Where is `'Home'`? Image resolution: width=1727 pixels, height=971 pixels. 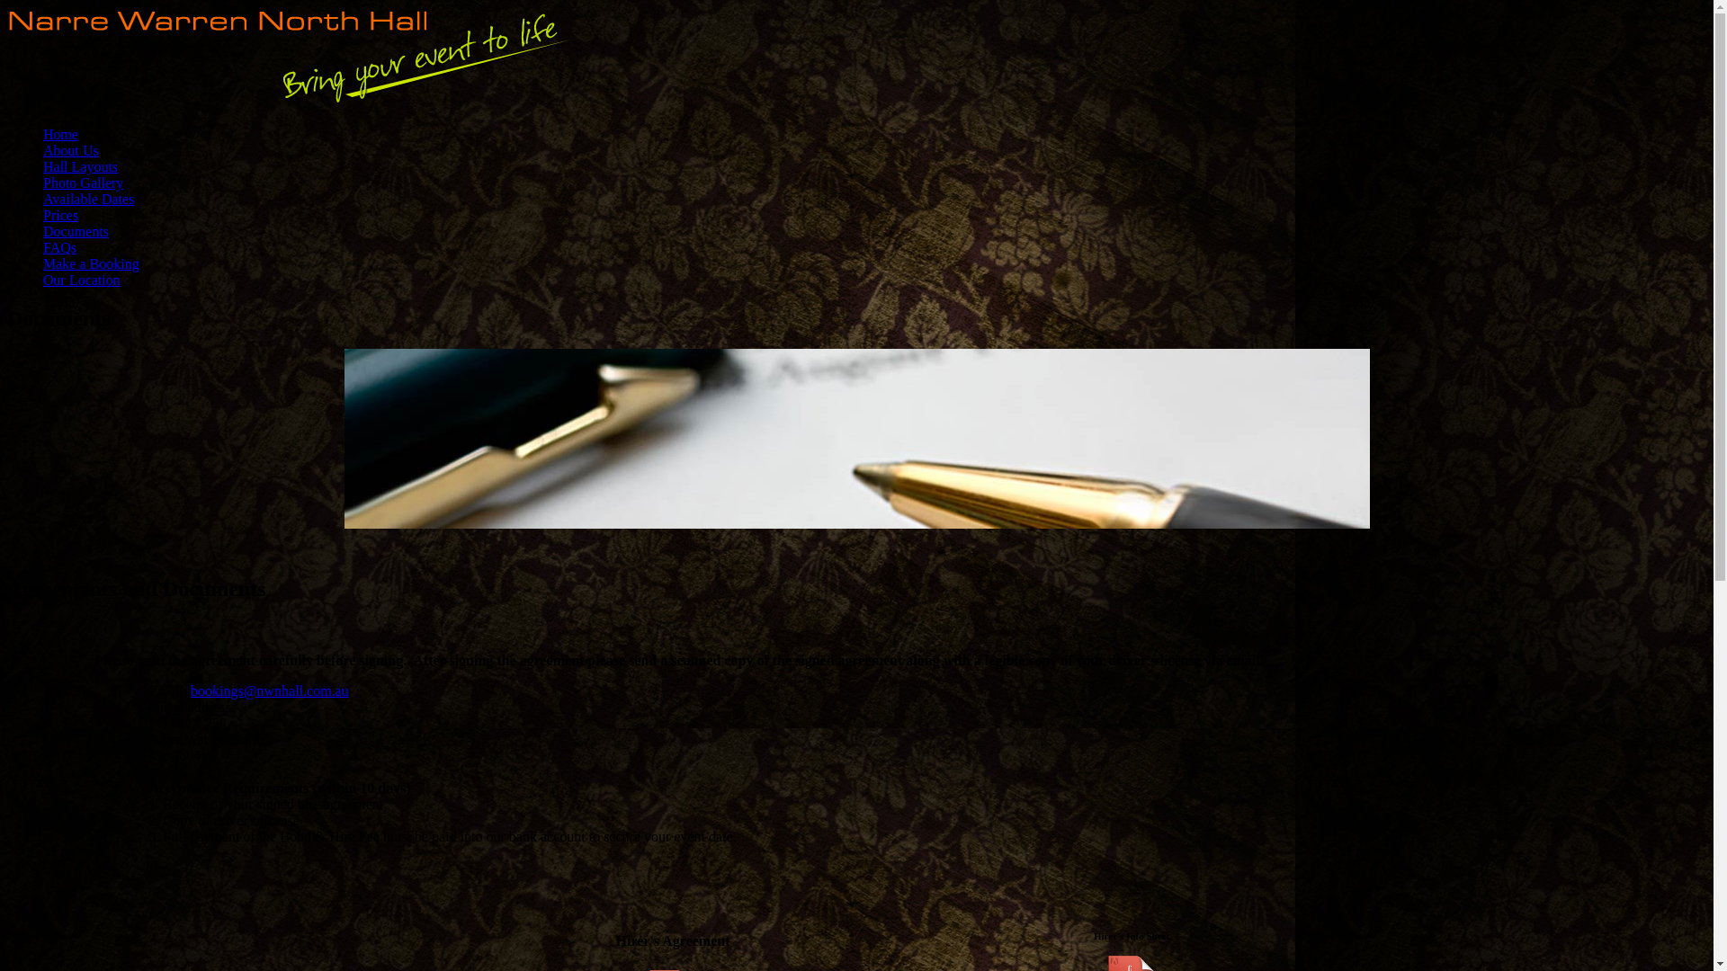 'Home' is located at coordinates (60, 133).